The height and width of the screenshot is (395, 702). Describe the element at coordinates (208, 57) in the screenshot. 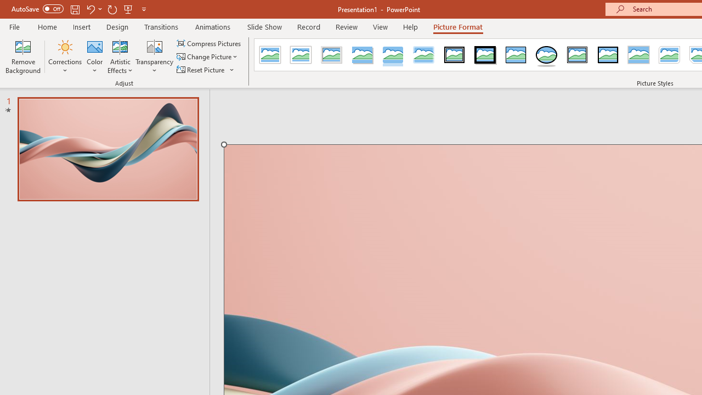

I see `'Change Picture'` at that location.